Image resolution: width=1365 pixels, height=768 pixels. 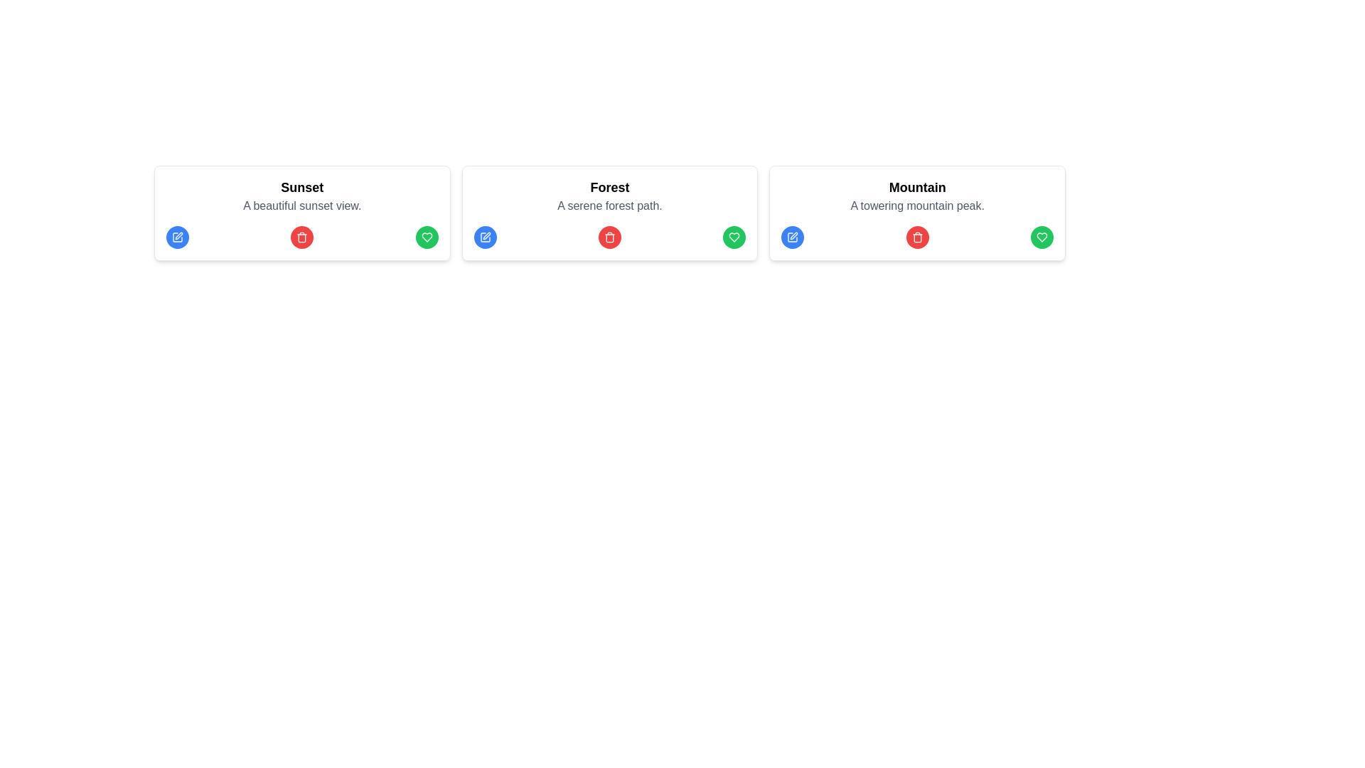 What do you see at coordinates (917, 206) in the screenshot?
I see `the text element reading 'A towering mountain peak' which is located in the third card labeled 'Mountain', positioned directly beneath the title text 'Mountain'` at bounding box center [917, 206].